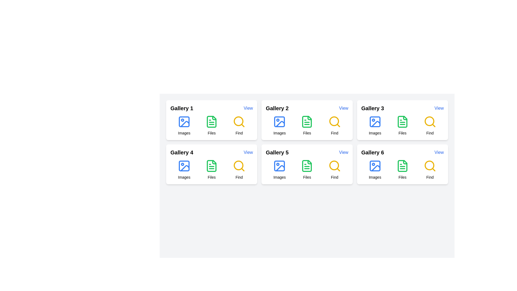 This screenshot has height=291, width=517. What do you see at coordinates (307, 133) in the screenshot?
I see `the text label that says 'Files', which is centrally aligned and located under 'Gallery 2' in the grid layout` at bounding box center [307, 133].